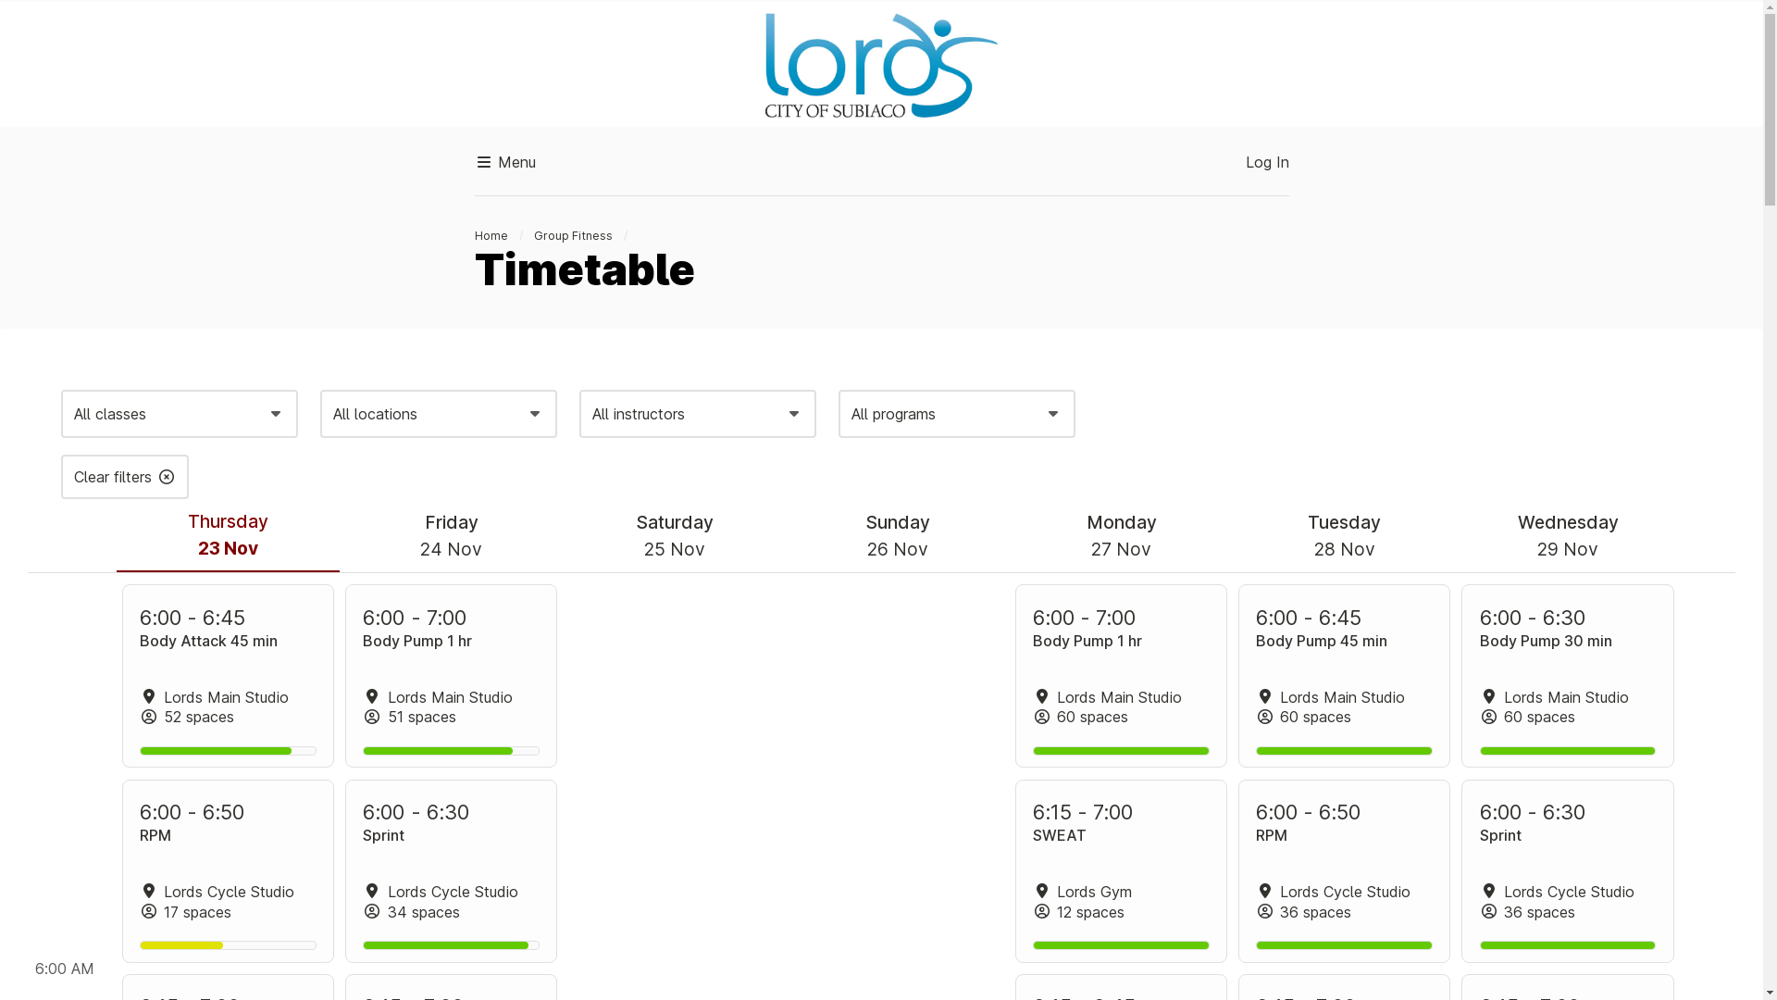  Describe the element at coordinates (438, 413) in the screenshot. I see `'All locations'` at that location.